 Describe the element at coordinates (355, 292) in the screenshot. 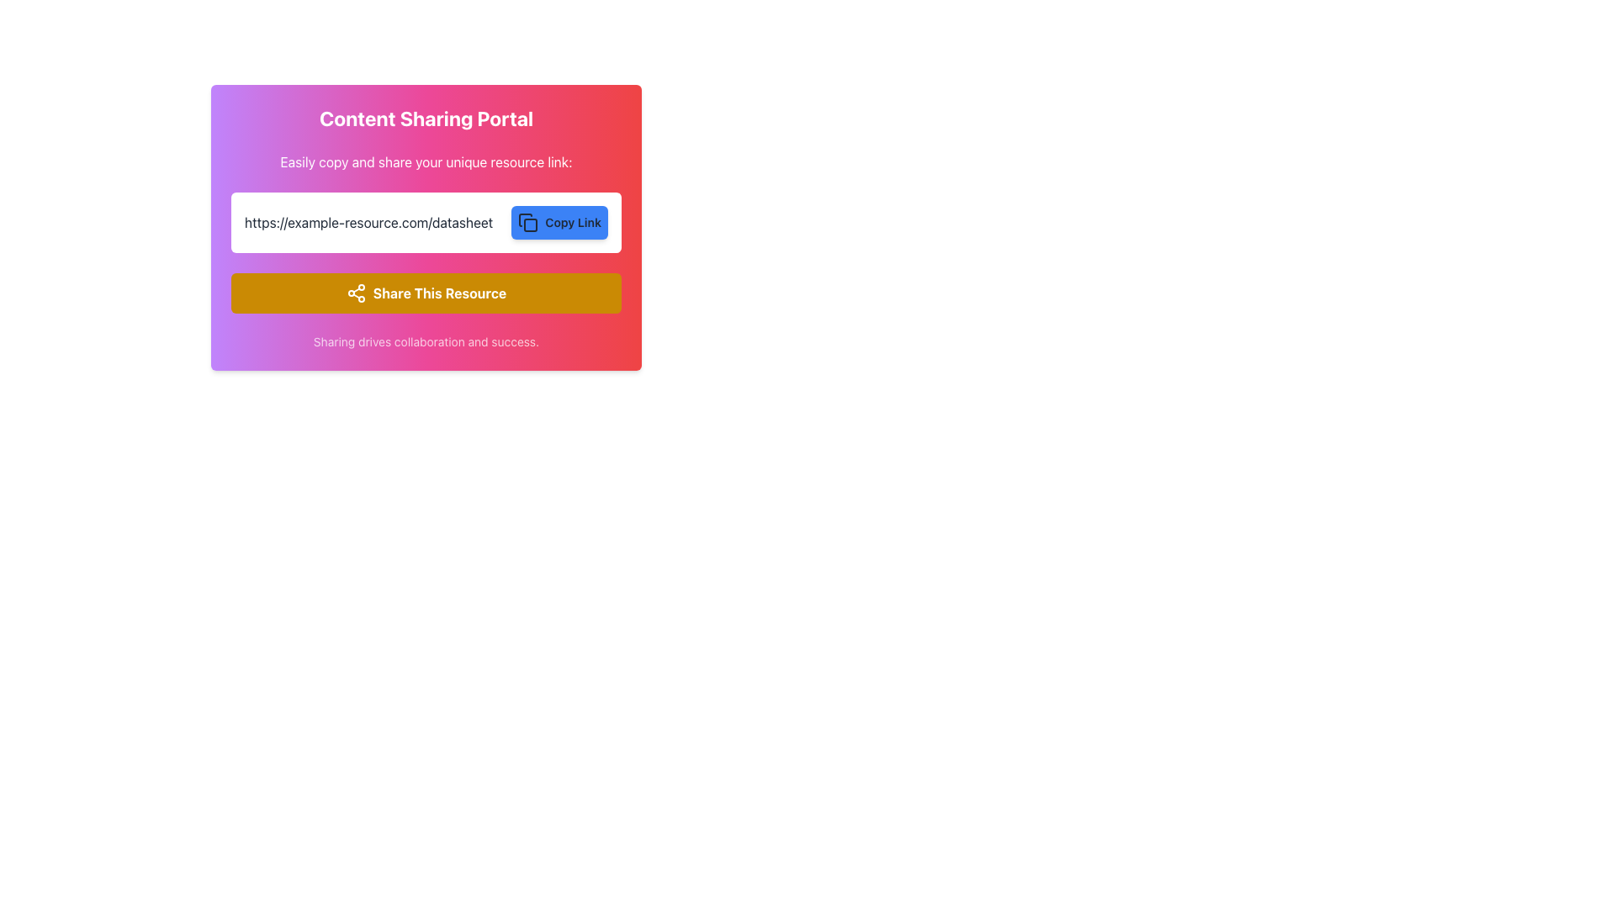

I see `the share icon within the yellow button labeled 'Share This Resource' in the 'Content Sharing Portal' panel to indicate sharing functionality` at that location.